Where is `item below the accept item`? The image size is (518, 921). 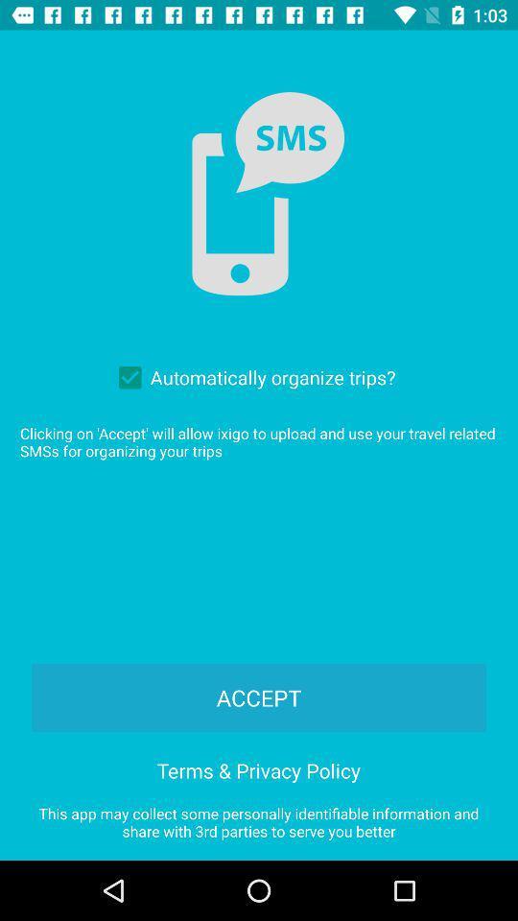
item below the accept item is located at coordinates (259, 767).